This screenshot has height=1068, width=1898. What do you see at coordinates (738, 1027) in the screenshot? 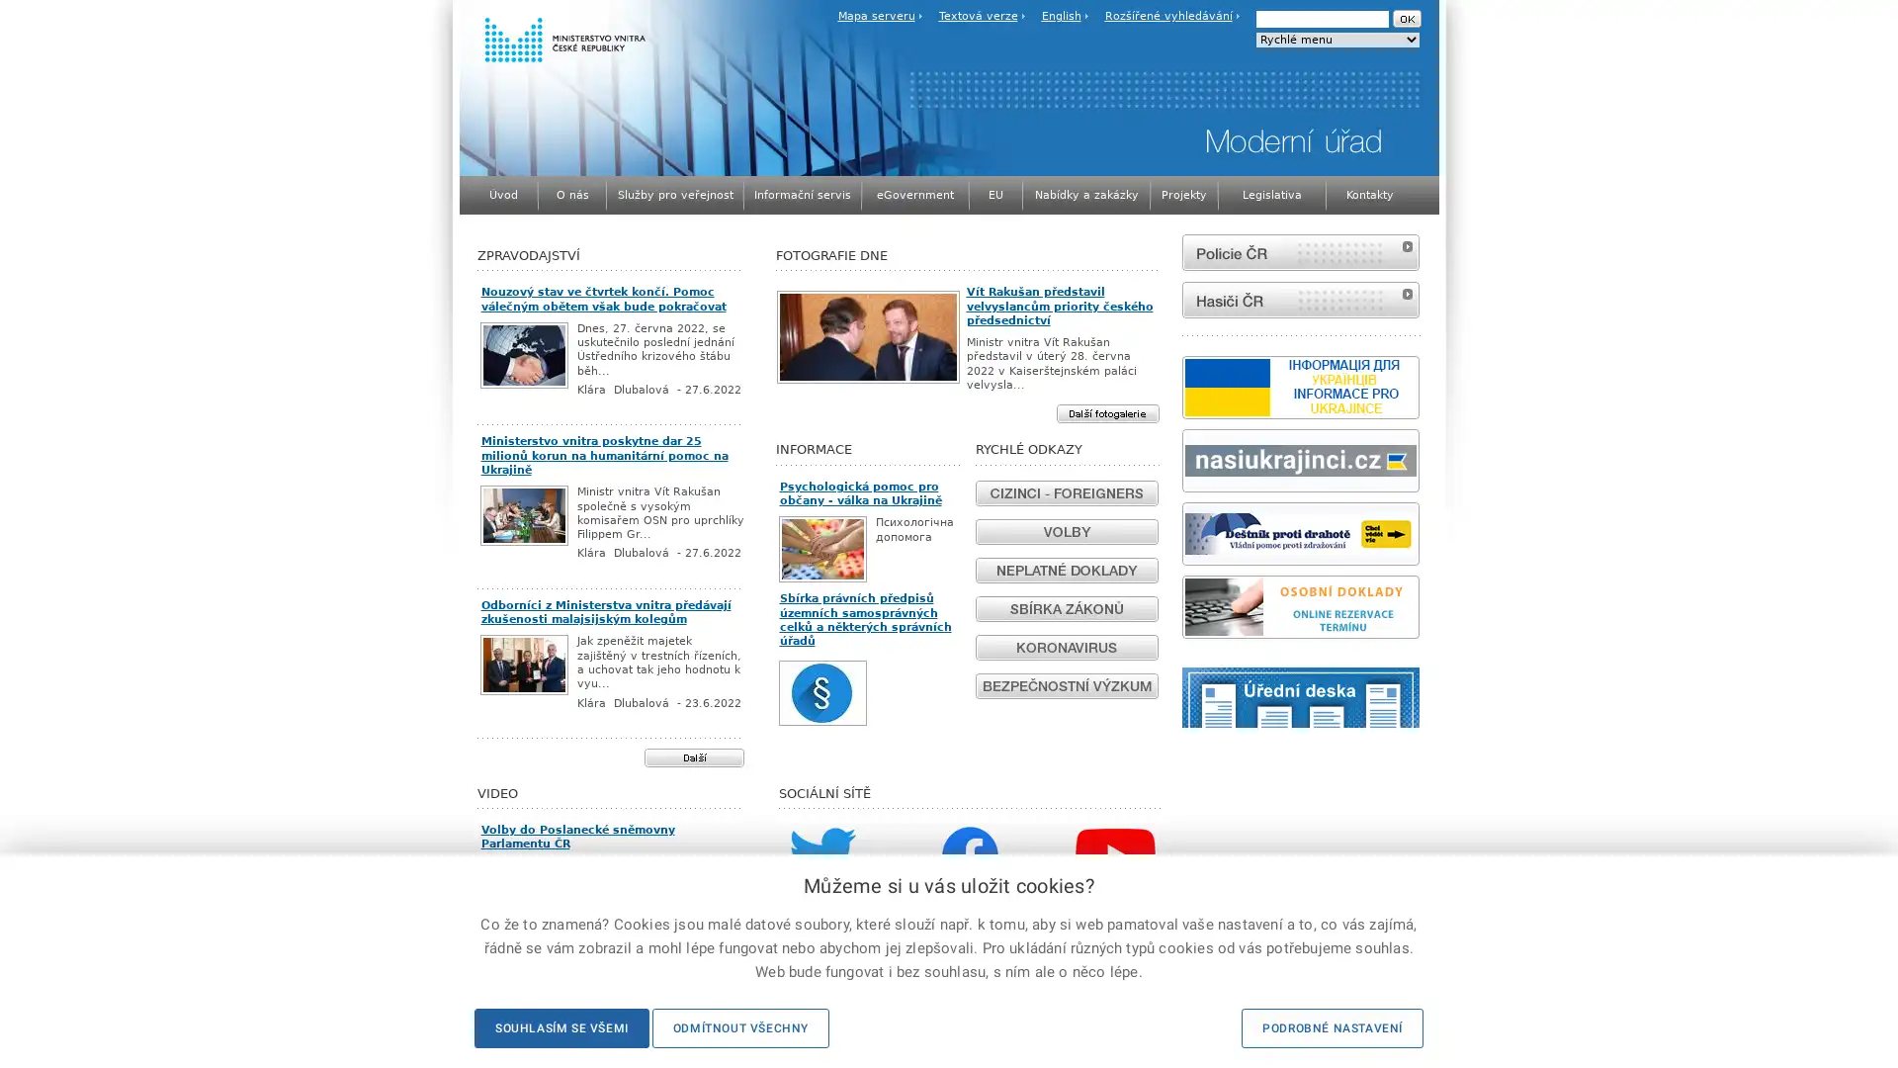
I see `ODMITNOUT VSECHNY` at bounding box center [738, 1027].